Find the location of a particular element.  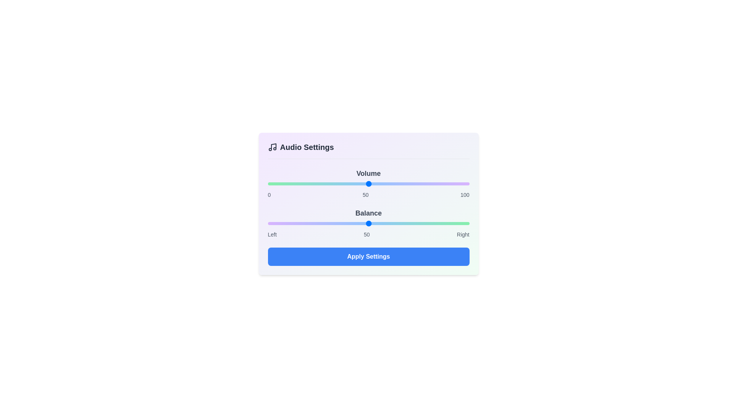

the volume level is located at coordinates (414, 184).